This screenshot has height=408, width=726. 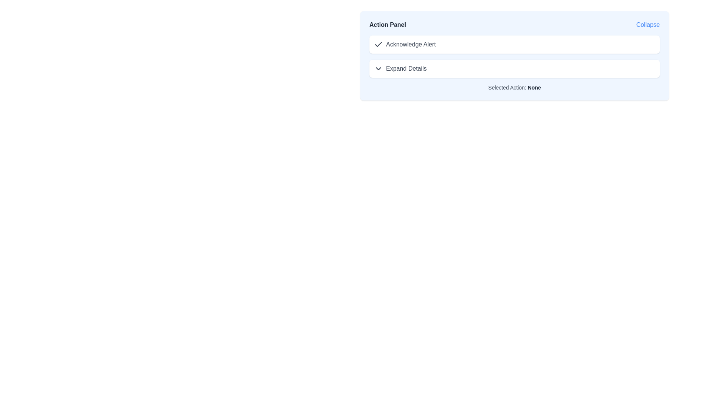 What do you see at coordinates (647, 24) in the screenshot?
I see `the 'Collapse' hyperlink located at the top-right corner of the 'Action Panel'` at bounding box center [647, 24].